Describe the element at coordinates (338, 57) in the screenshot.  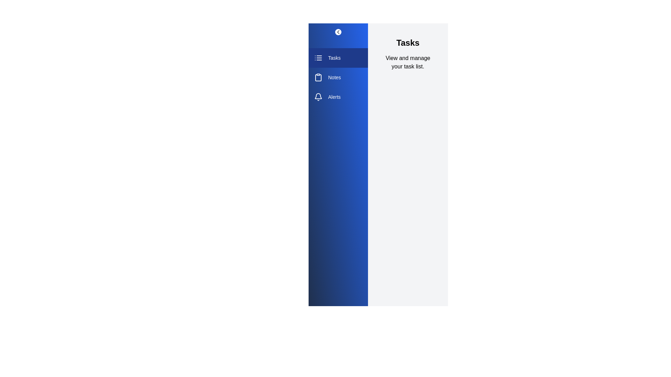
I see `the section Tasks from the sidebar` at that location.